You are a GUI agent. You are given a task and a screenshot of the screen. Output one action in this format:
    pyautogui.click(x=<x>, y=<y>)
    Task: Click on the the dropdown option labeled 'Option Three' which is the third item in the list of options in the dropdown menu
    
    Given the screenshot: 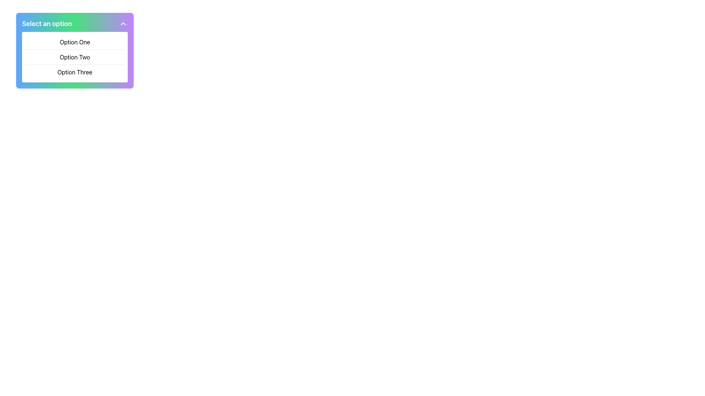 What is the action you would take?
    pyautogui.click(x=75, y=72)
    